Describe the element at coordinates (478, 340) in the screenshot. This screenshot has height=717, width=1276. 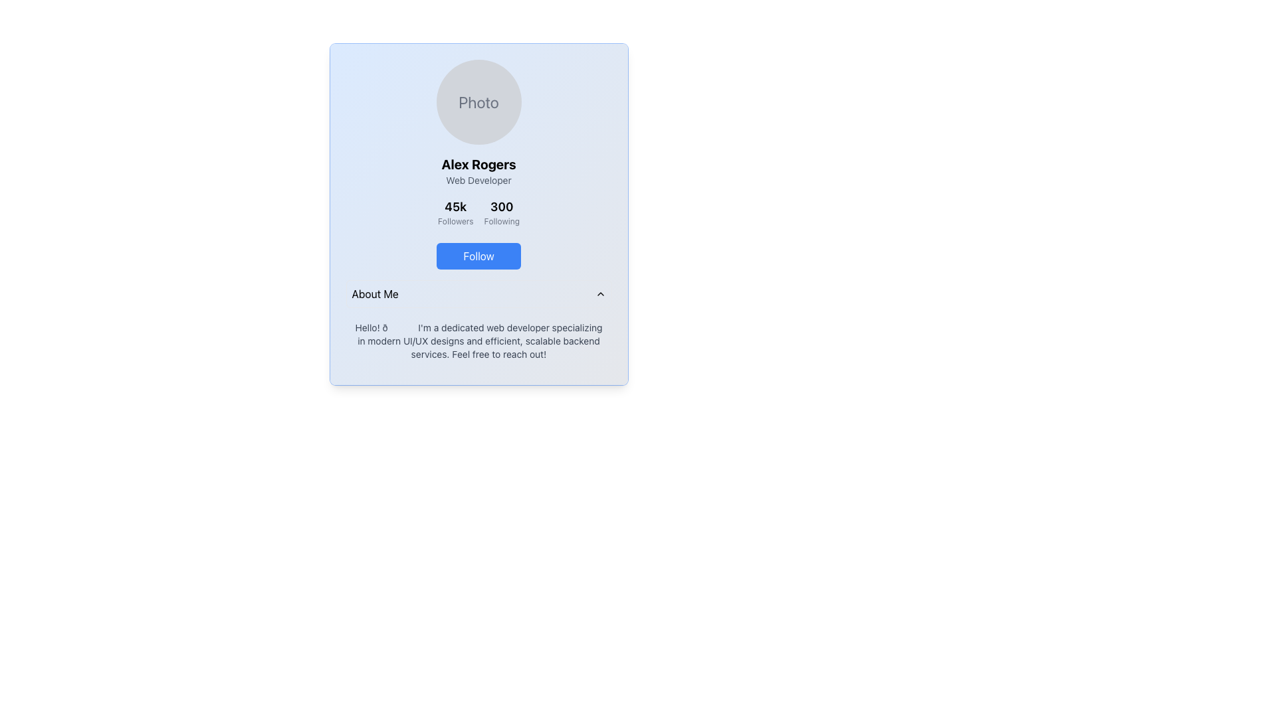
I see `the distinct textual paragraph styled with a gray font located below the 'About Me' heading in the lower section of the profile card` at that location.